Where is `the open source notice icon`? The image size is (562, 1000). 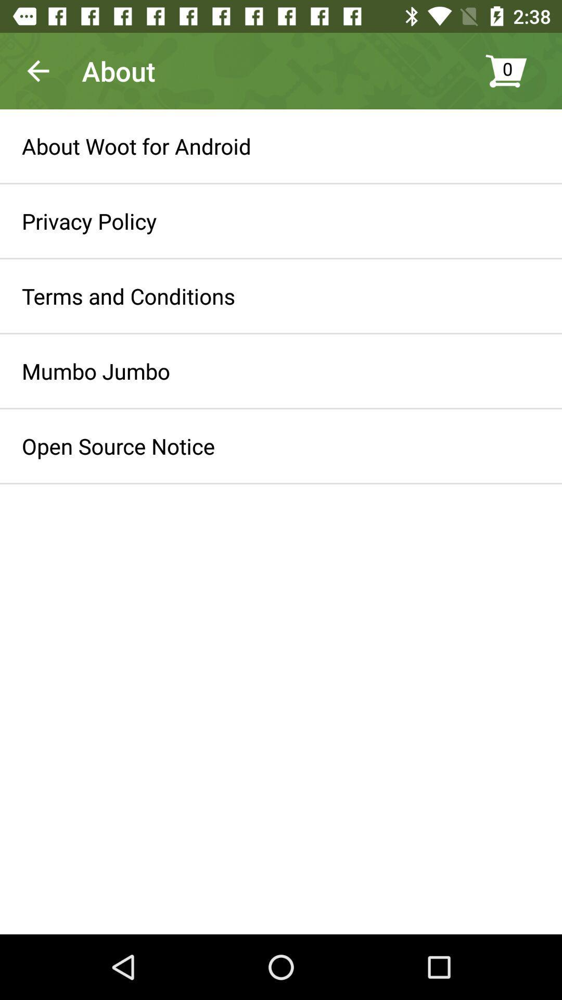 the open source notice icon is located at coordinates (118, 446).